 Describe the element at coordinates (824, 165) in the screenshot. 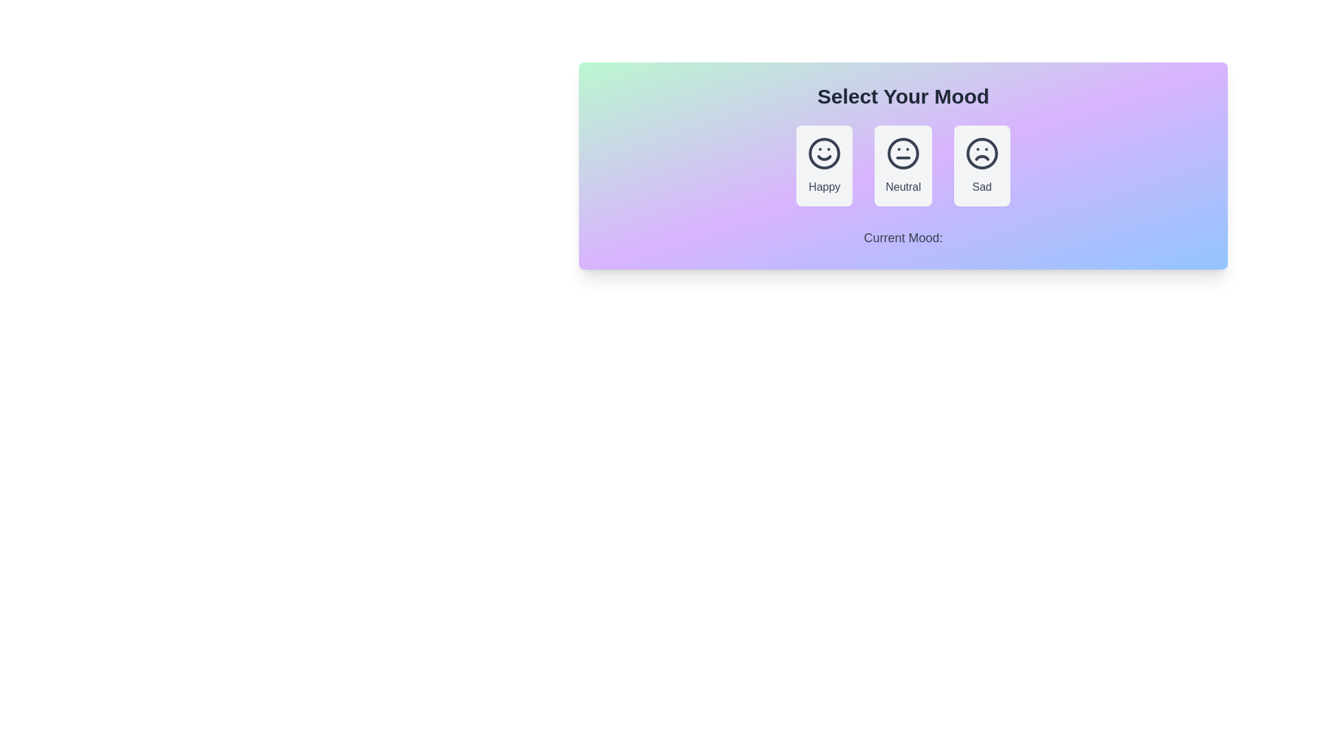

I see `the Happy button to select the corresponding mood` at that location.